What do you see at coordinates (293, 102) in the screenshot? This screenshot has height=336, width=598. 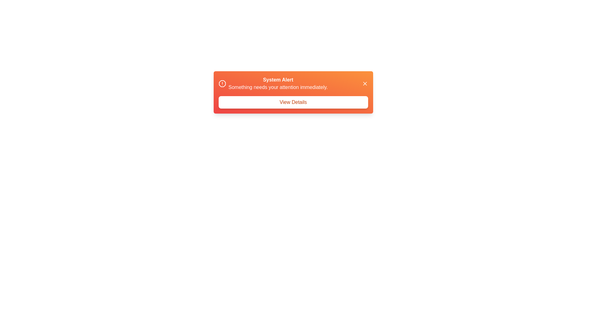 I see `the 'View Details' button, which is a rectangular button with a white background and rounded corners, featuring orange text and a shadow effect, to observe the background color change` at bounding box center [293, 102].